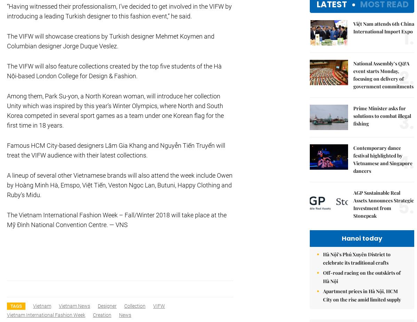 The height and width of the screenshot is (322, 417). I want to click on 'About us', so click(355, 29).